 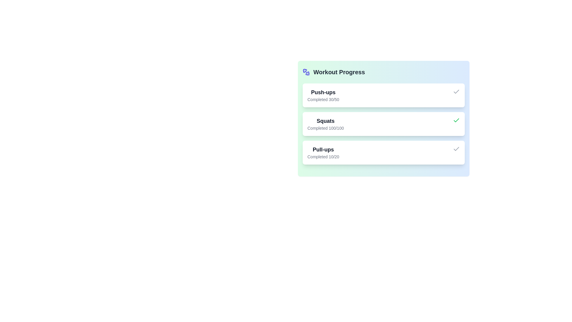 I want to click on the 'Pull-ups' progress text block that indicates completion details ('Completed 10/20') in the 'Workout Progress' section, which is the last entry in the list, so click(x=323, y=152).